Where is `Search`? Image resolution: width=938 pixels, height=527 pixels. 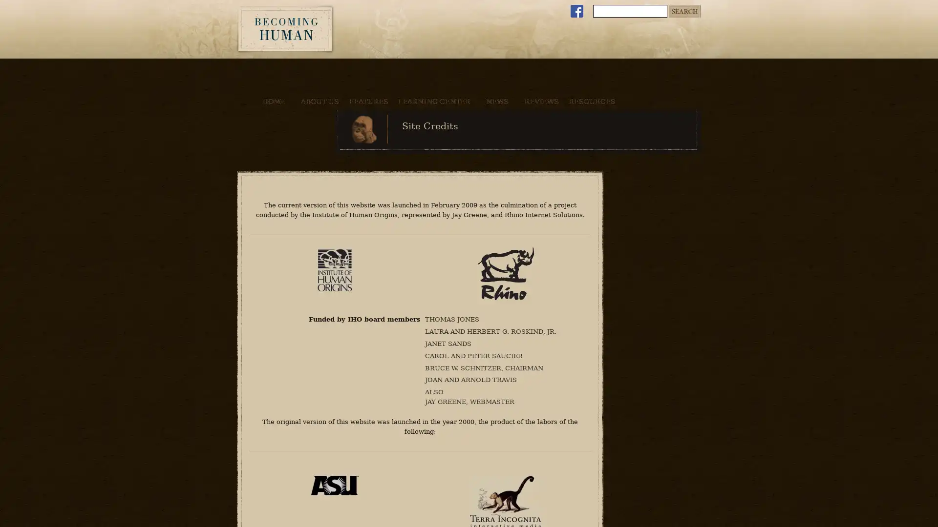
Search is located at coordinates (684, 11).